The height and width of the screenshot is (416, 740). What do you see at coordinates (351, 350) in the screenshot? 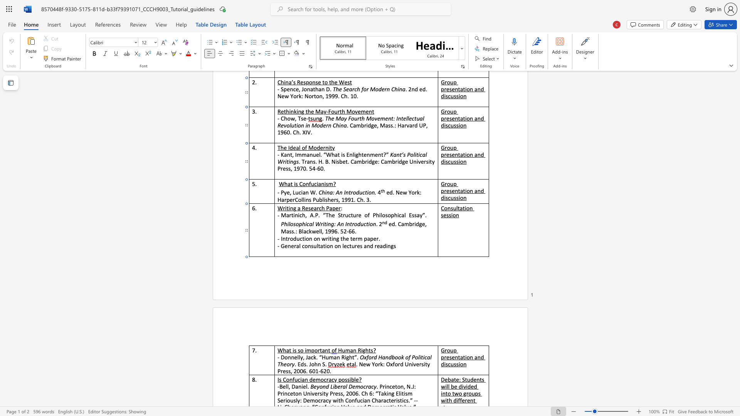
I see `the 1th character "a" in the text` at bounding box center [351, 350].